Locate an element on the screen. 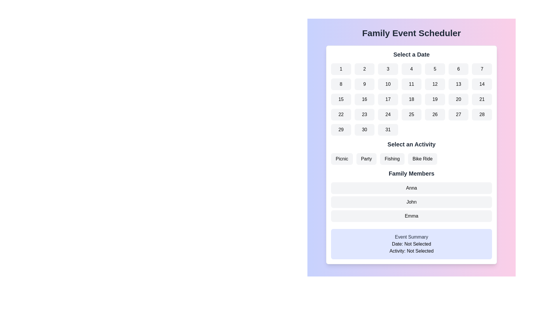  the button representing the date '31' in the calendar interface is located at coordinates (388, 129).